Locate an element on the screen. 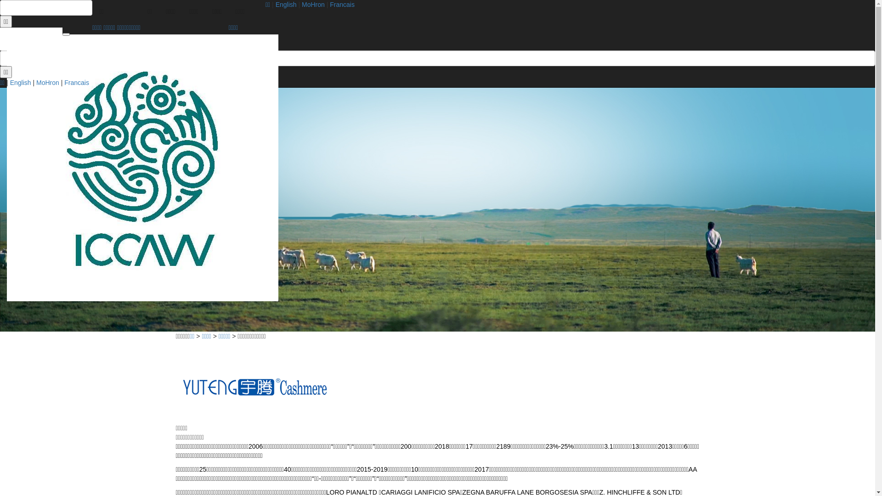 This screenshot has height=496, width=882. 'MoHron' is located at coordinates (47, 83).